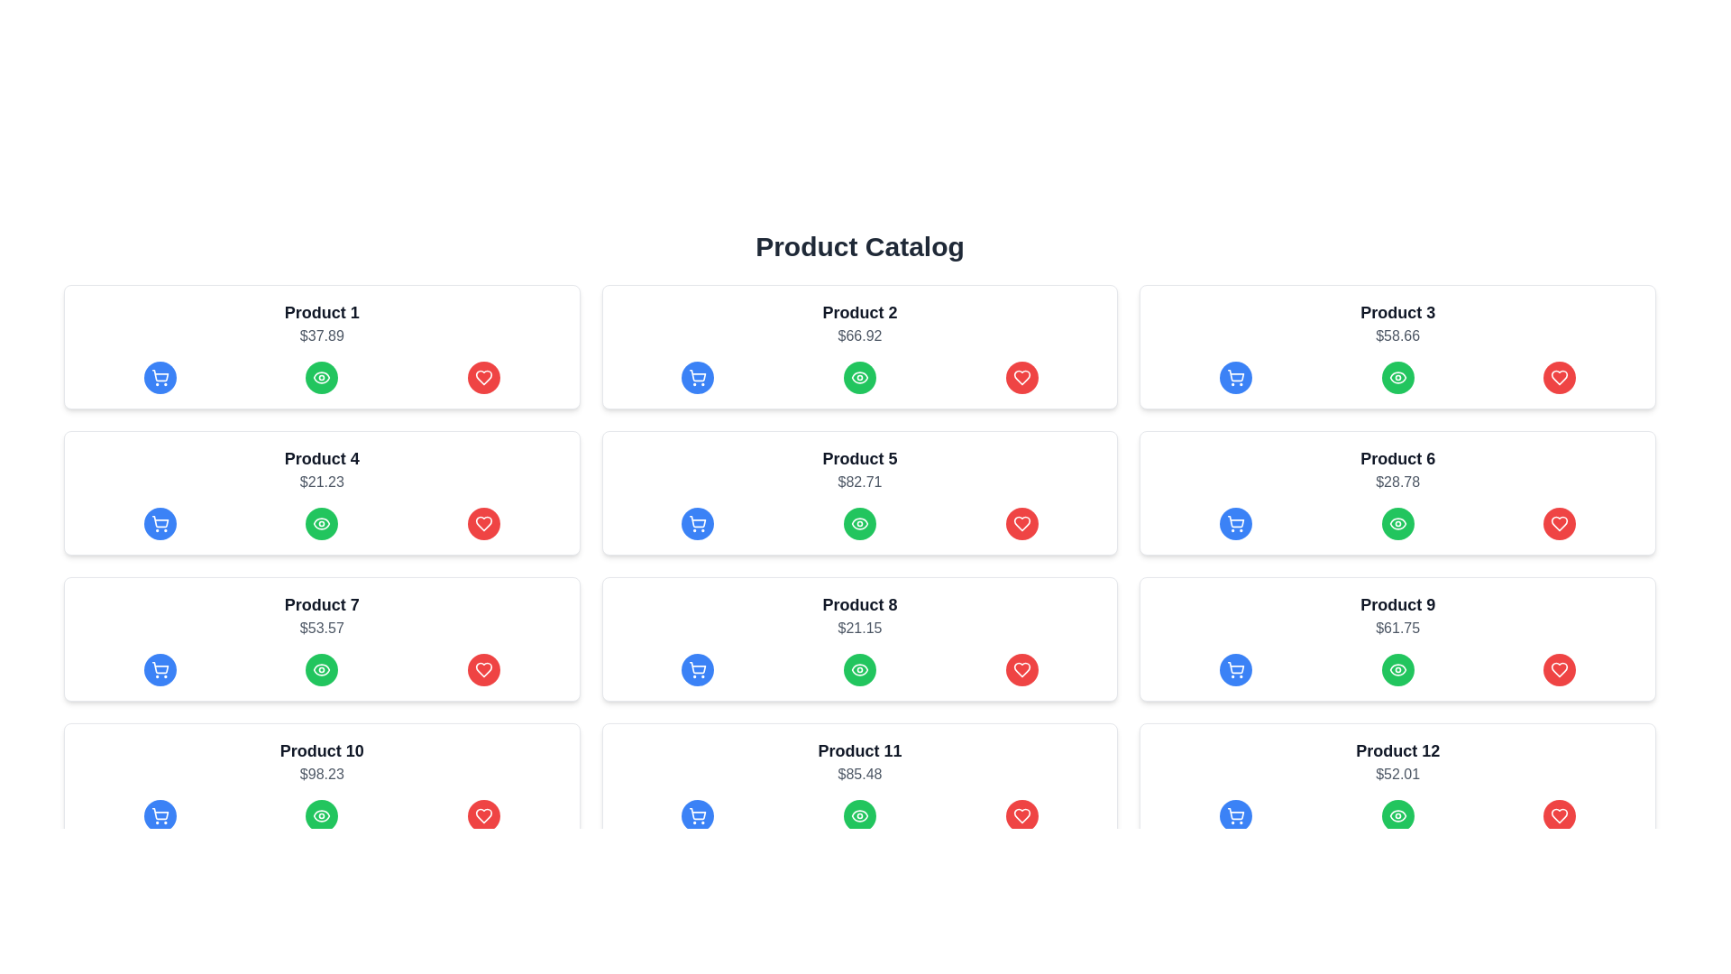  I want to click on the visibility icon located in the ninth product card of the catalog layout, which allows the user, so click(1397, 524).